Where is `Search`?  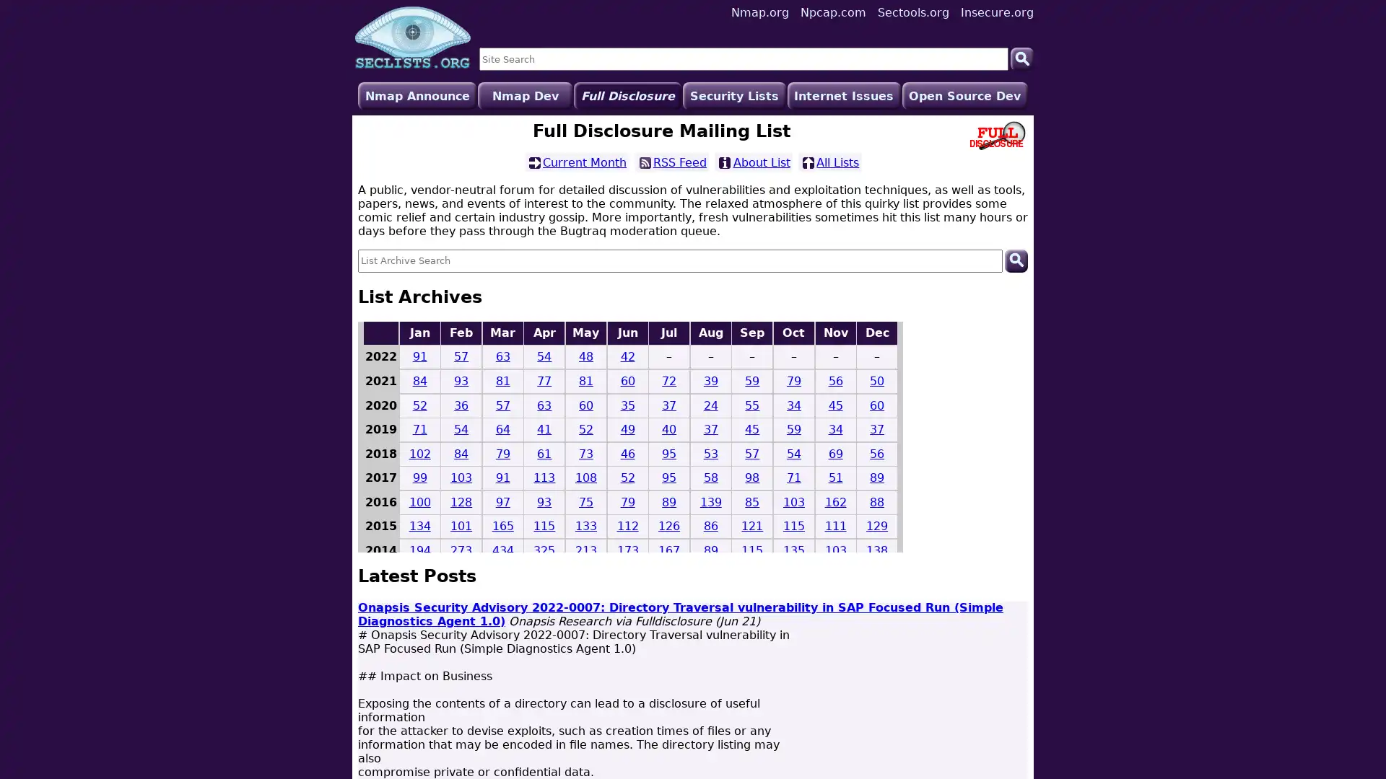 Search is located at coordinates (1021, 58).